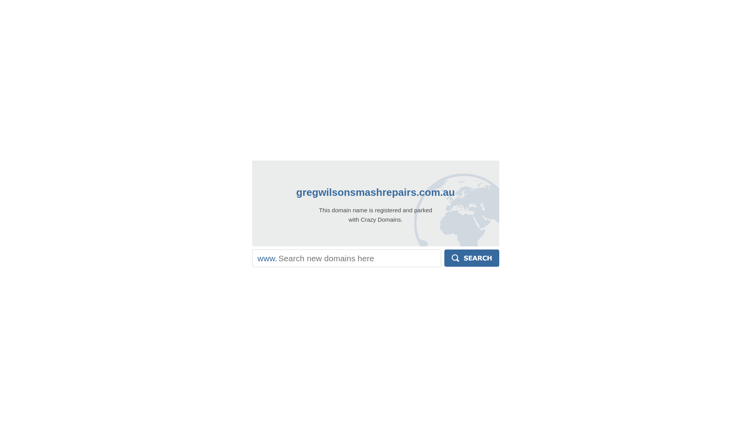 The width and height of the screenshot is (753, 423). I want to click on 'Search', so click(471, 258).